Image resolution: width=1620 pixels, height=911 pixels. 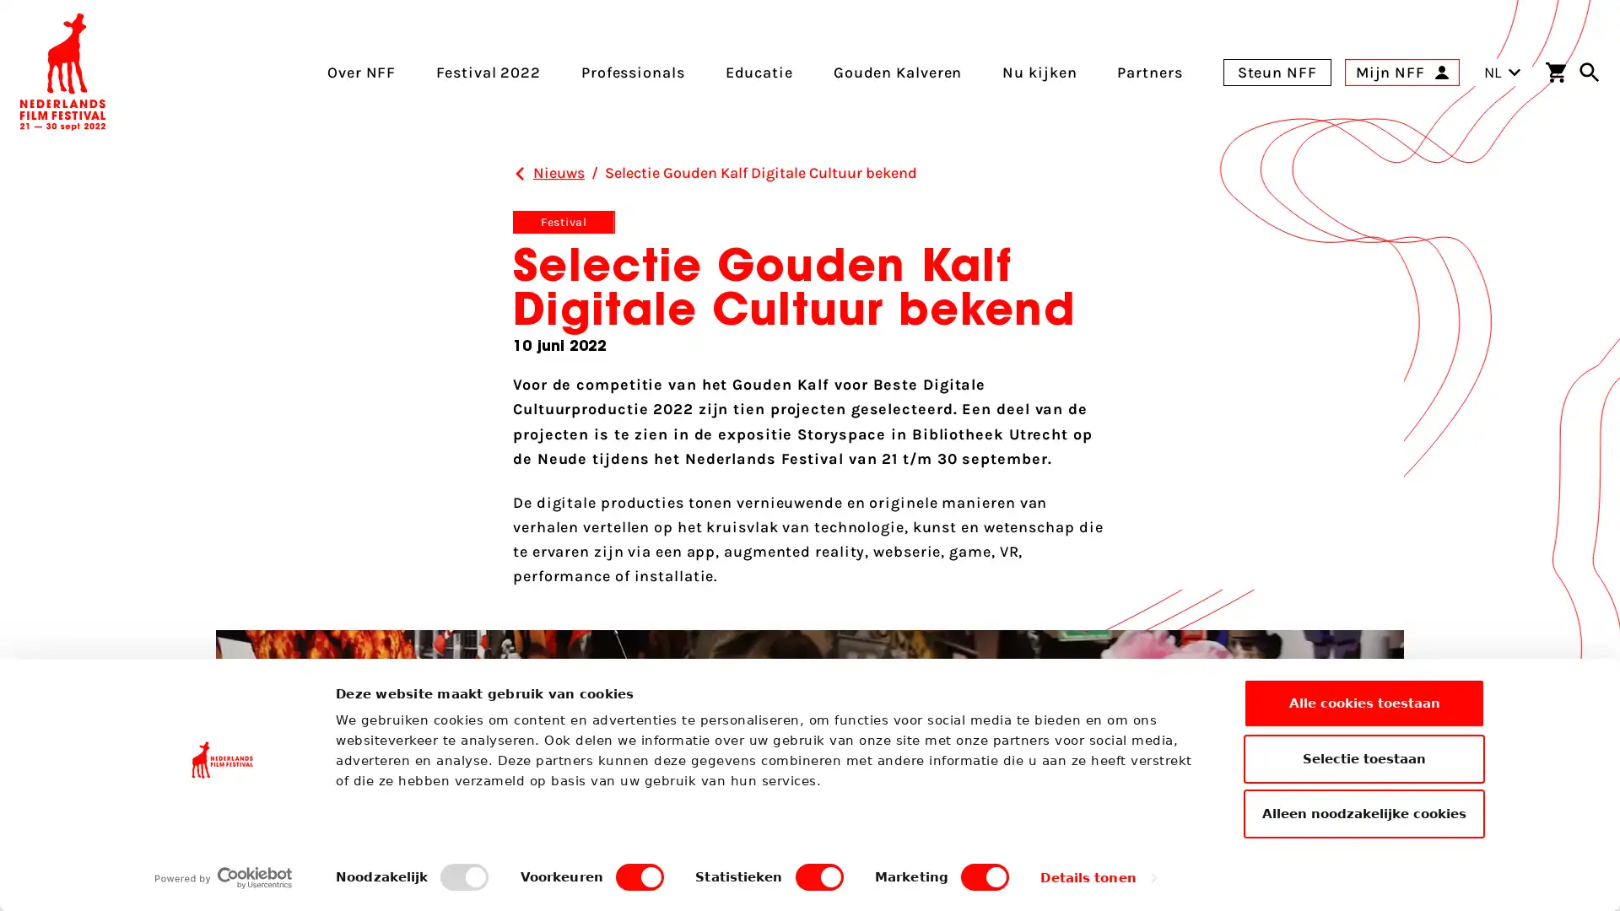 What do you see at coordinates (1364, 812) in the screenshot?
I see `Alleen noodzakelijke cookies` at bounding box center [1364, 812].